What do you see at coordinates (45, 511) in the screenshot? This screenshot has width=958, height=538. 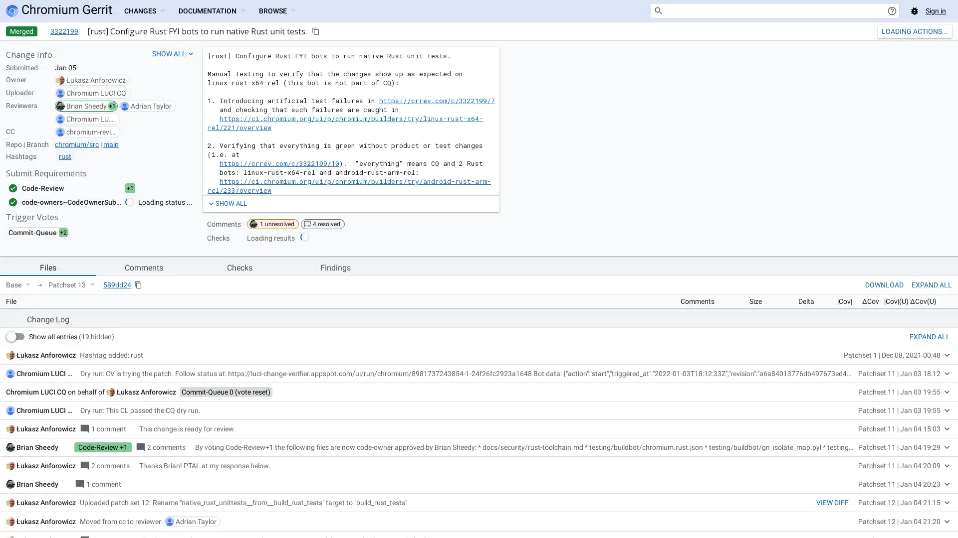 I see `Chromium LUCI CQ` at bounding box center [45, 511].